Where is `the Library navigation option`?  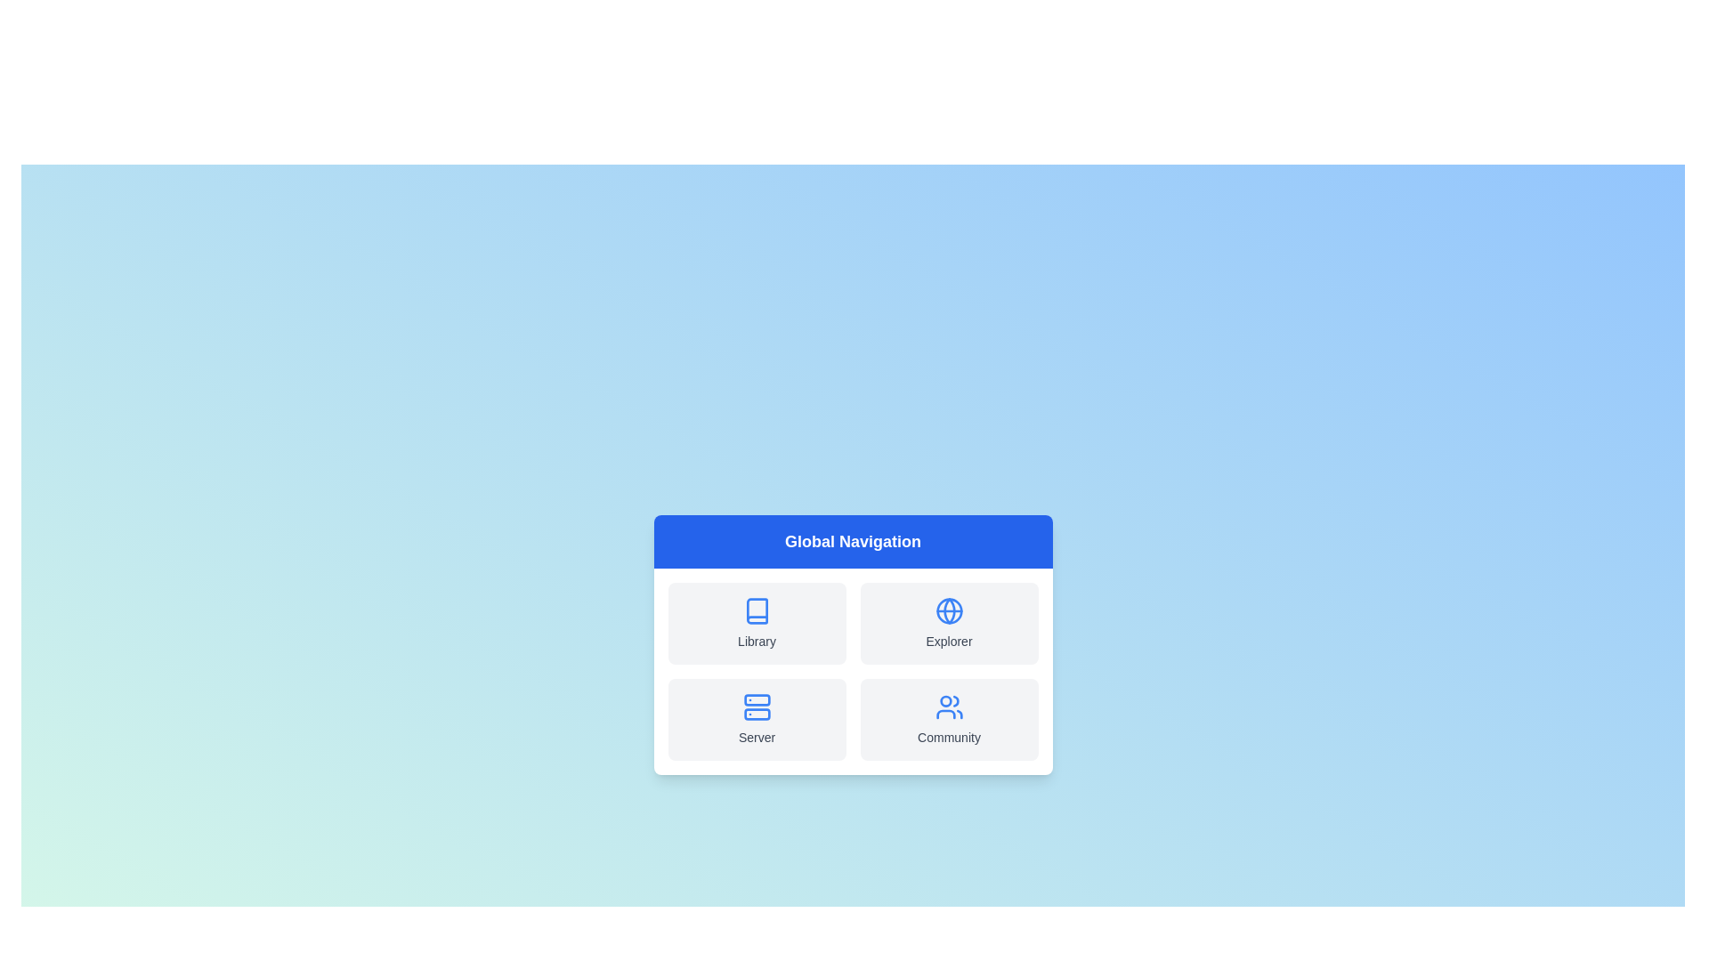
the Library navigation option is located at coordinates (757, 623).